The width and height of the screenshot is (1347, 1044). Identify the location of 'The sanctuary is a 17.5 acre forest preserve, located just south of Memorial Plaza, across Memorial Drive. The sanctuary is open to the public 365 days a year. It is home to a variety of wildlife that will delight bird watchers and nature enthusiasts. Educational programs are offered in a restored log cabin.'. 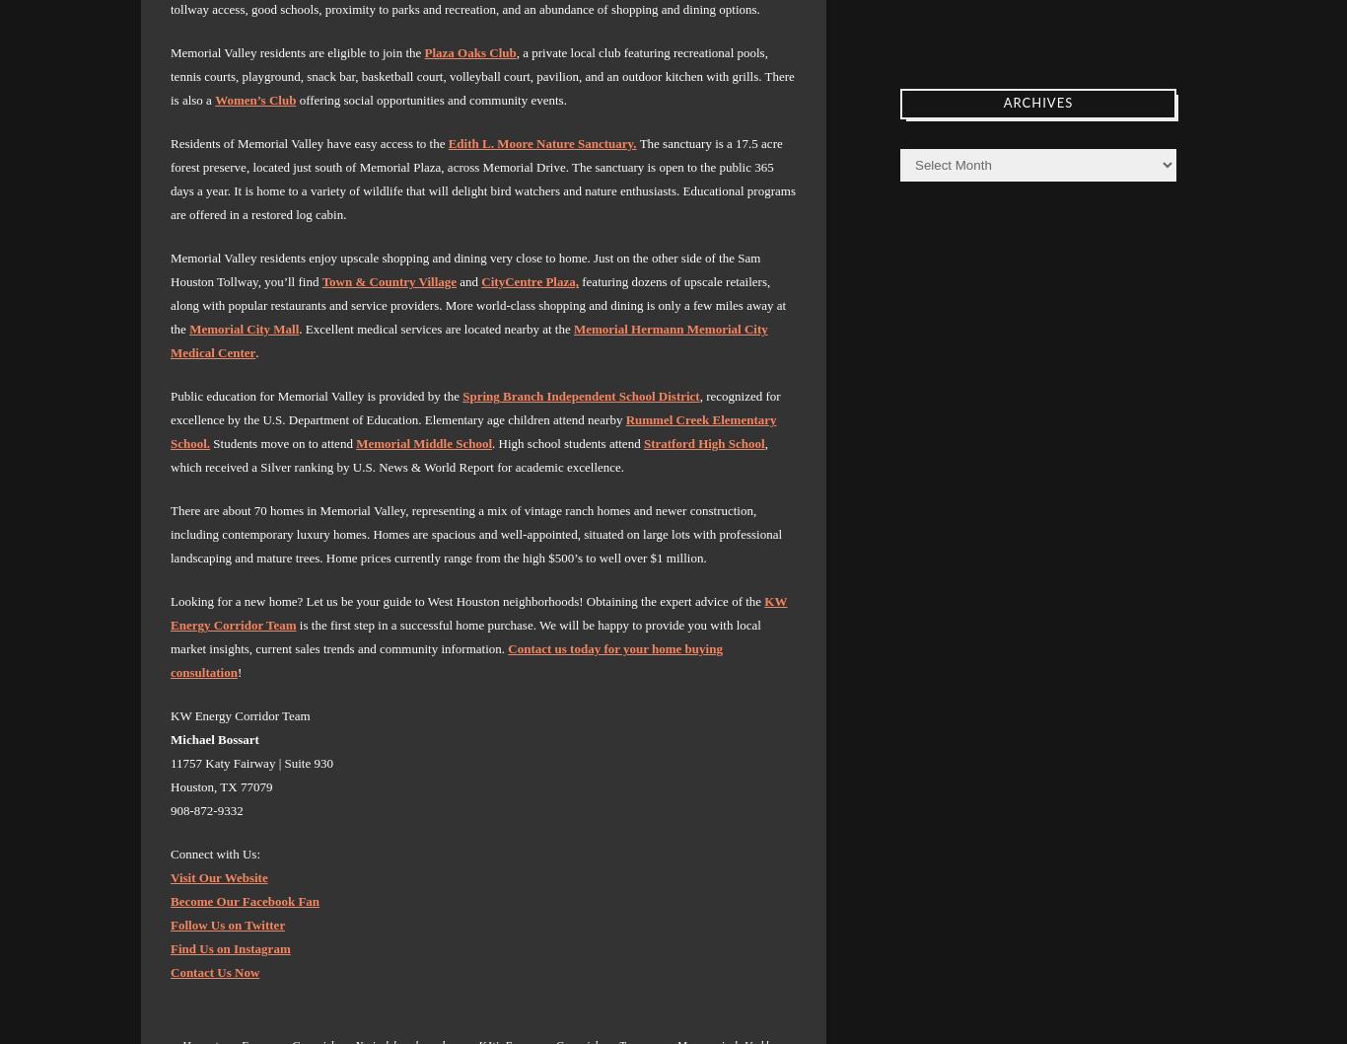
(482, 179).